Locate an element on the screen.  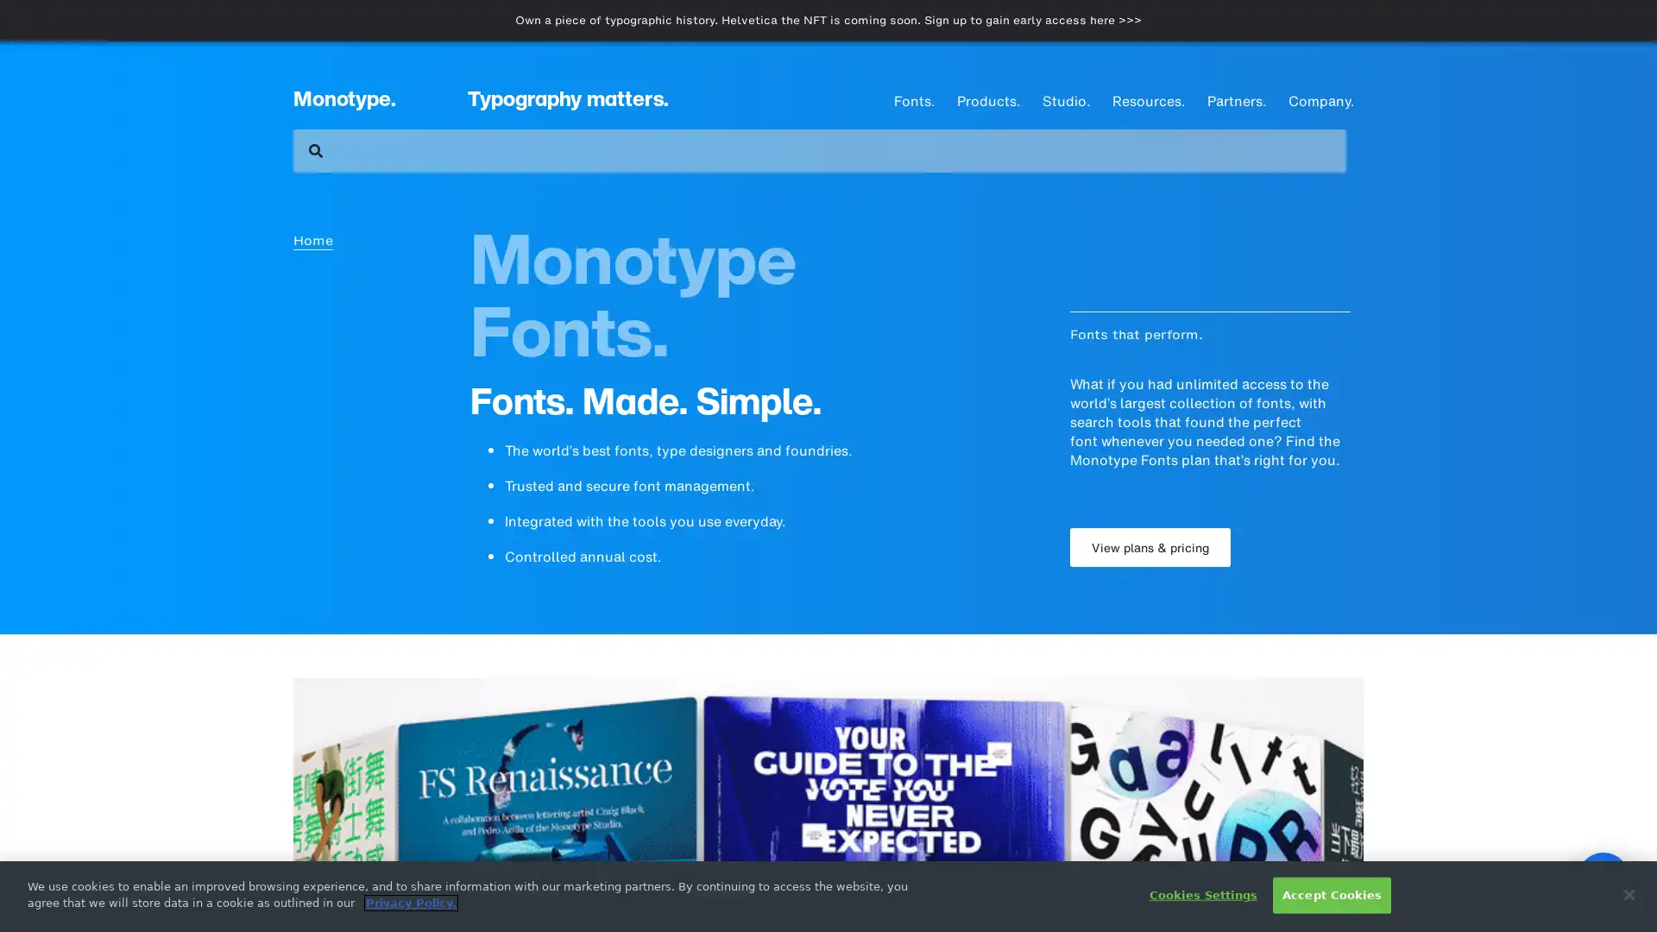
Close is located at coordinates (1628, 893).